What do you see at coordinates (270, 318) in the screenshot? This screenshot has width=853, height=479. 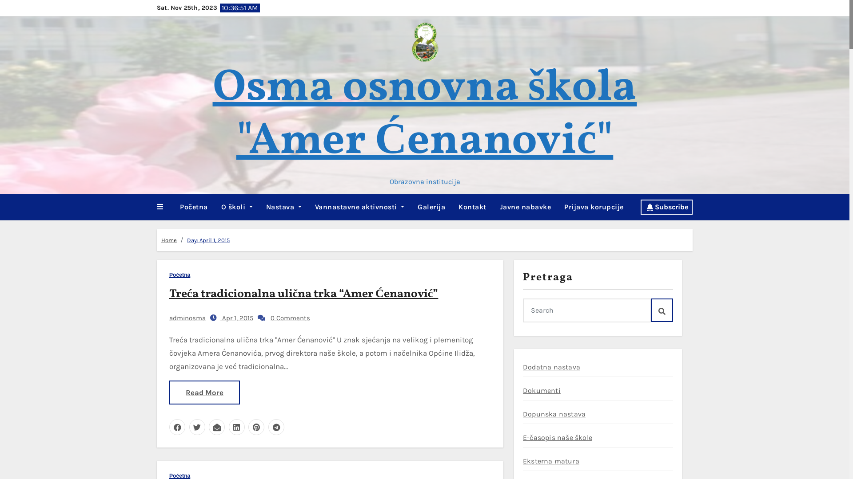 I see `'0 Comments'` at bounding box center [270, 318].